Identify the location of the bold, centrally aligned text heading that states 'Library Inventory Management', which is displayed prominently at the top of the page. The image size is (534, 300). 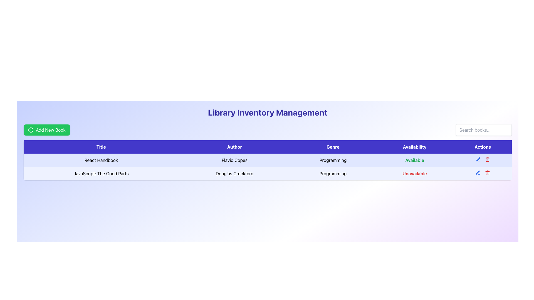
(268, 112).